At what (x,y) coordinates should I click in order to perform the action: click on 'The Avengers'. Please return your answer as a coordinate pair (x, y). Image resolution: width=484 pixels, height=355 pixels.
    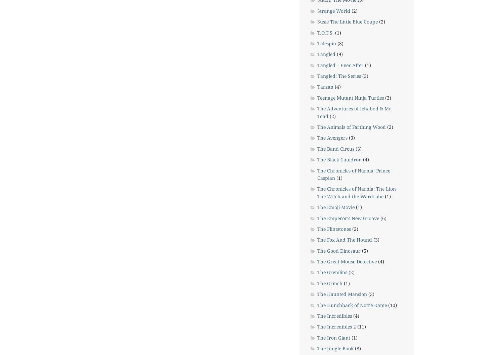
    Looking at the image, I should click on (331, 138).